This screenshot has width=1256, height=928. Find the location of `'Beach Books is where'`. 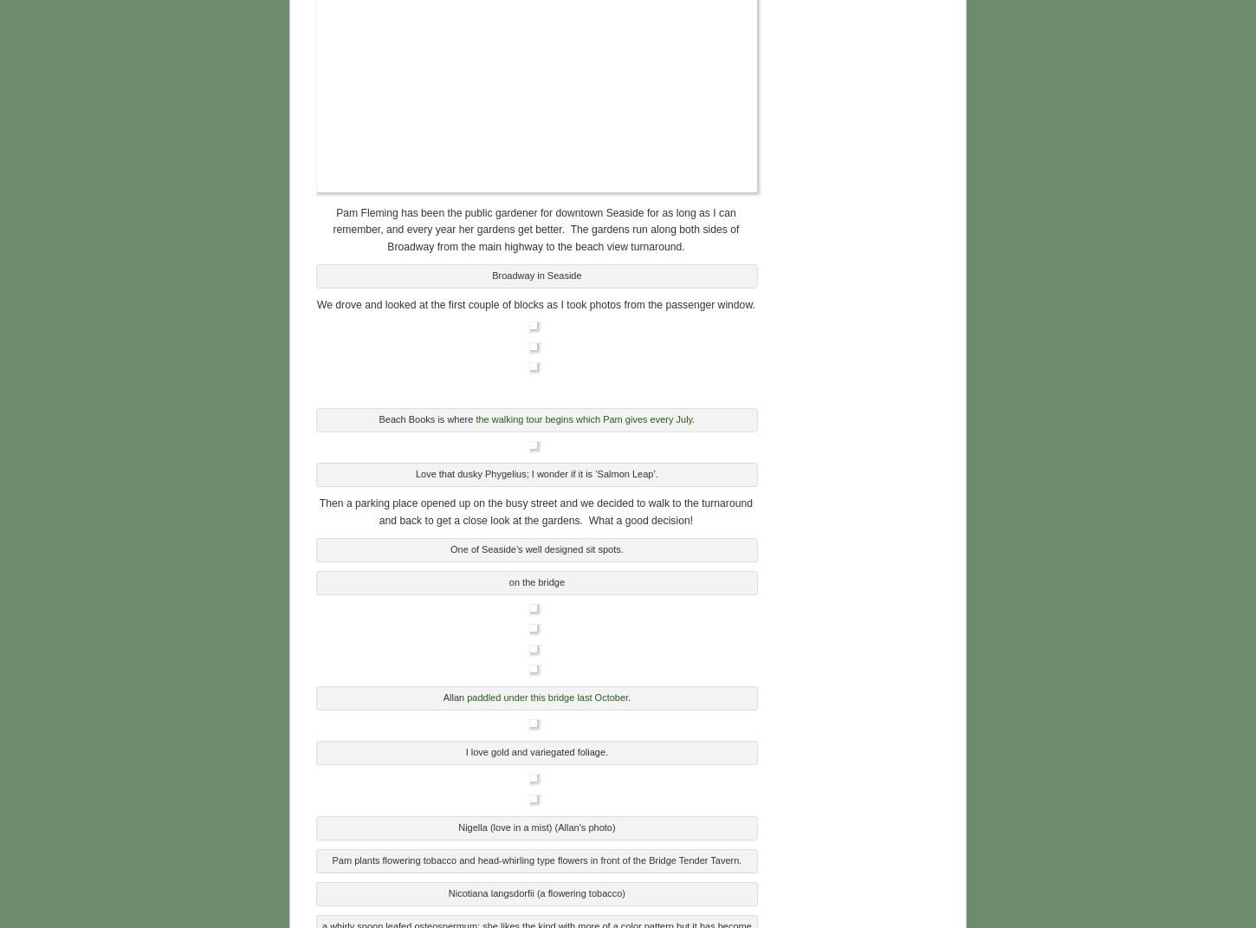

'Beach Books is where' is located at coordinates (427, 416).